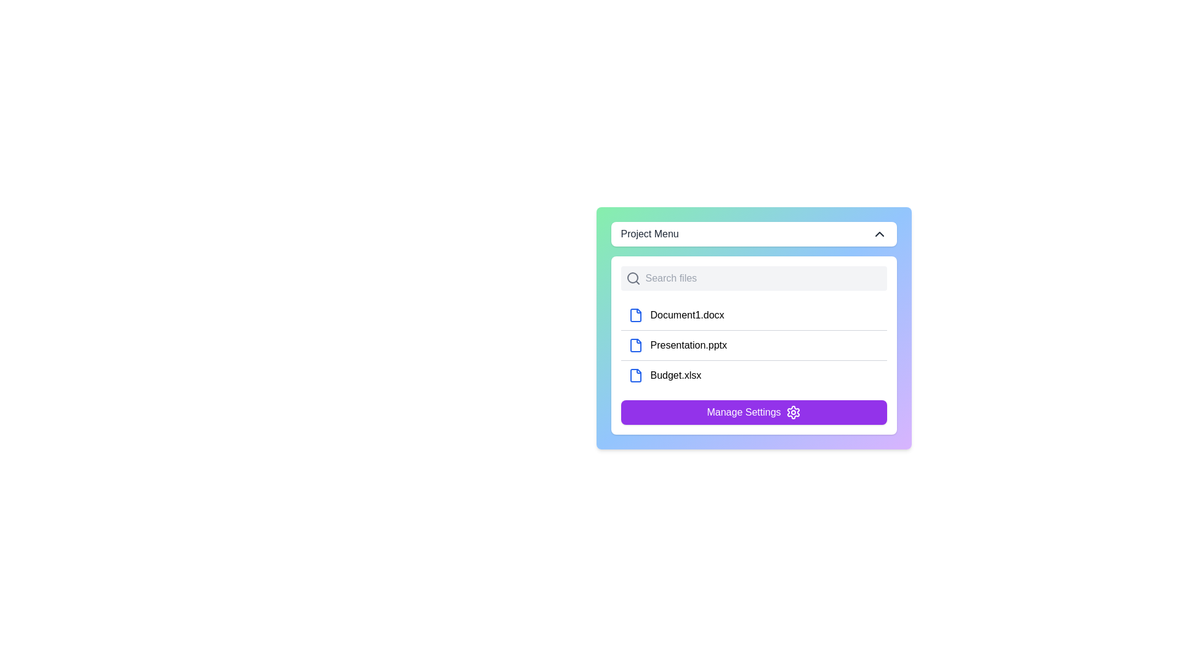  I want to click on the file type icon representing 'presentation.pptx' located before the filename in the file list, so click(635, 346).